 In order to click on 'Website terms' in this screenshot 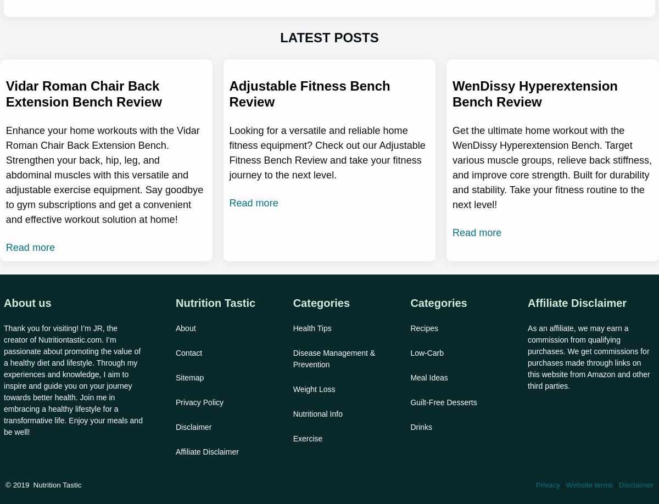, I will do `click(589, 484)`.